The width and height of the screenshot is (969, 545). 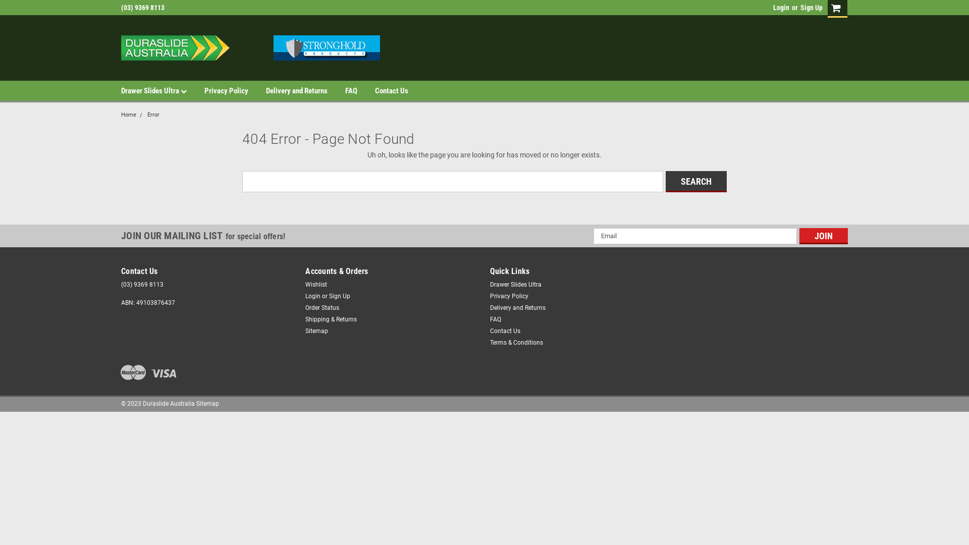 I want to click on 'Delivery and Returns', so click(x=305, y=91).